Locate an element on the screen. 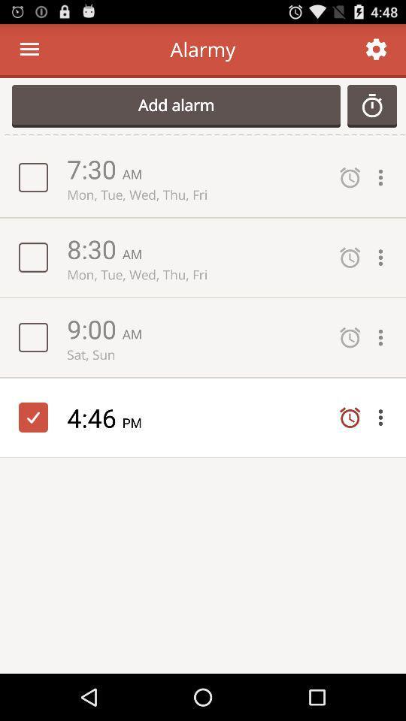  the item to the left of the am is located at coordinates (94, 328).